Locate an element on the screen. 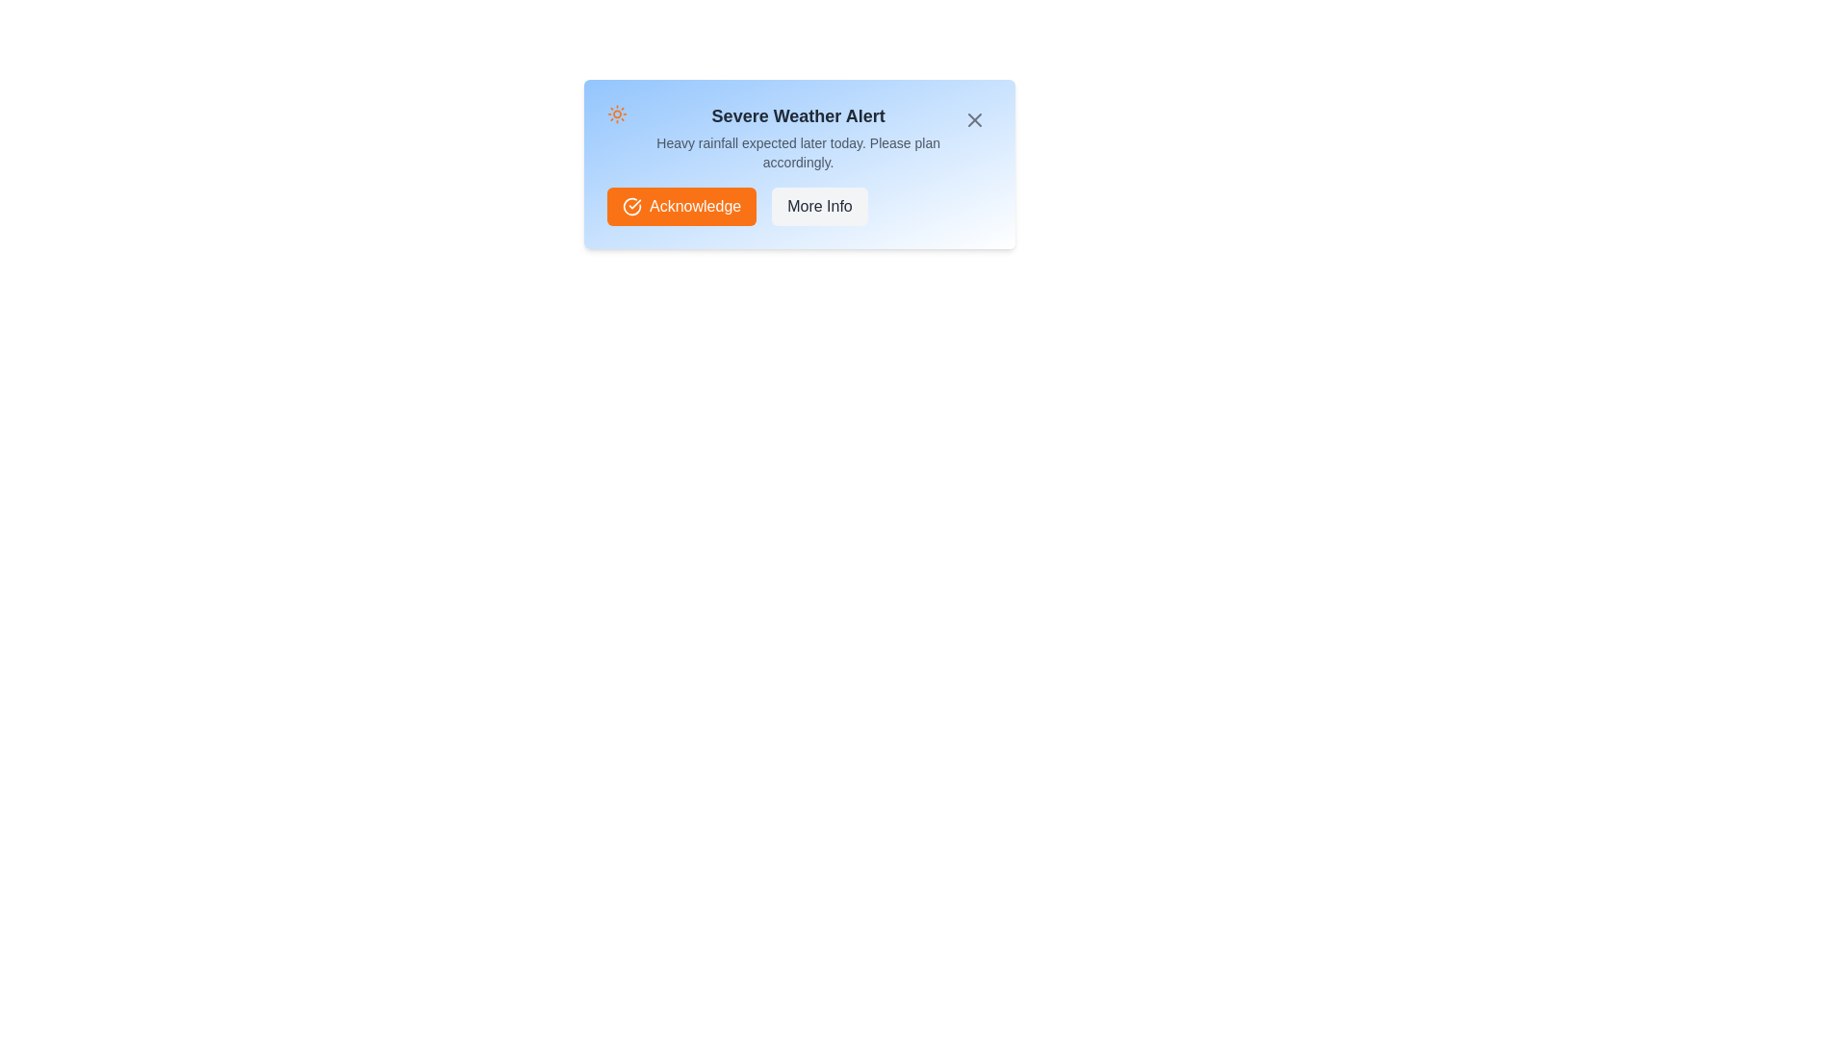 This screenshot has height=1039, width=1848. the 'More Info' button to view additional details about the alert is located at coordinates (818, 207).